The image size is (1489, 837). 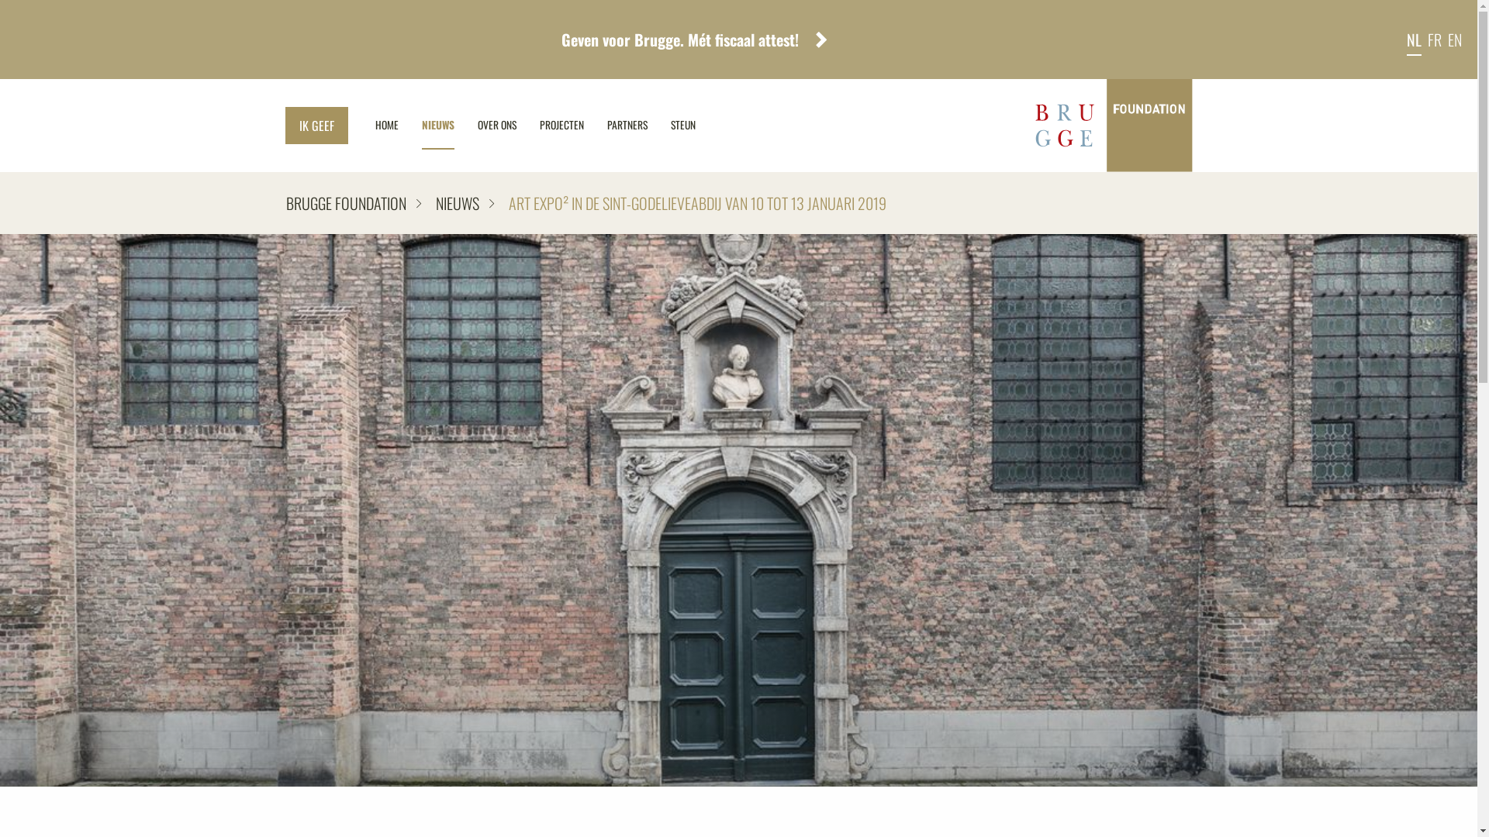 What do you see at coordinates (495, 125) in the screenshot?
I see `'OVER ONS'` at bounding box center [495, 125].